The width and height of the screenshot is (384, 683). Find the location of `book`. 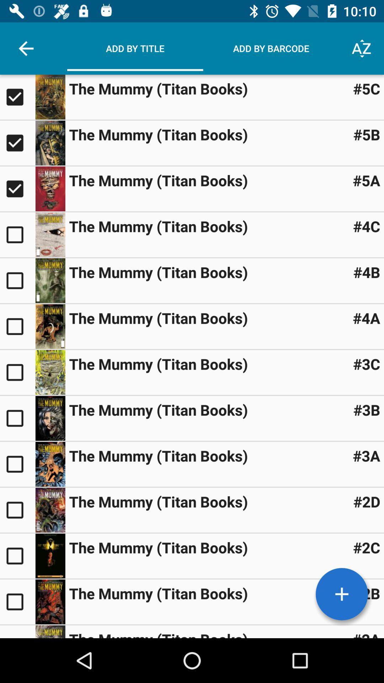

book is located at coordinates (341, 594).